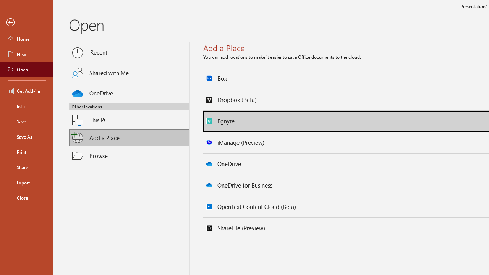 The image size is (489, 275). What do you see at coordinates (129, 115) in the screenshot?
I see `'This PC'` at bounding box center [129, 115].